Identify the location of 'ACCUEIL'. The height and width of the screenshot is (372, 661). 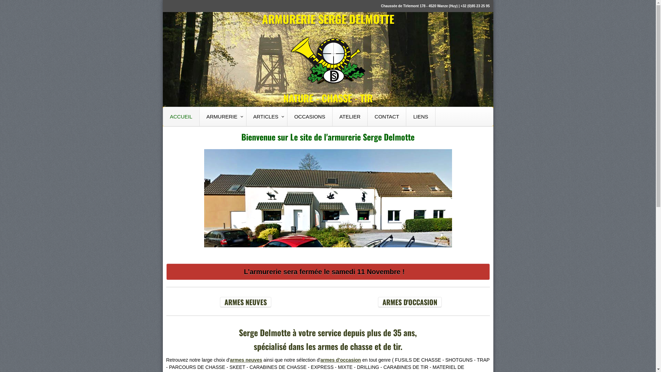
(163, 116).